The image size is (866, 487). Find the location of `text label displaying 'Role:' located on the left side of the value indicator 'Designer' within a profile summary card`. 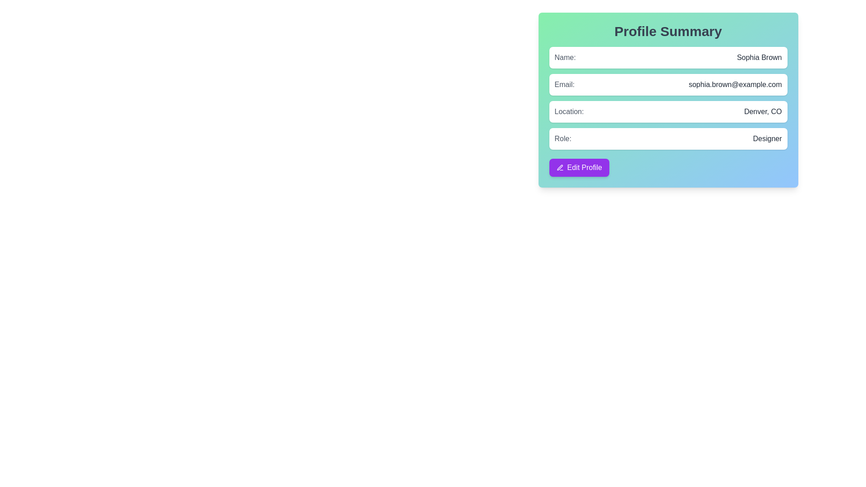

text label displaying 'Role:' located on the left side of the value indicator 'Designer' within a profile summary card is located at coordinates (562, 139).